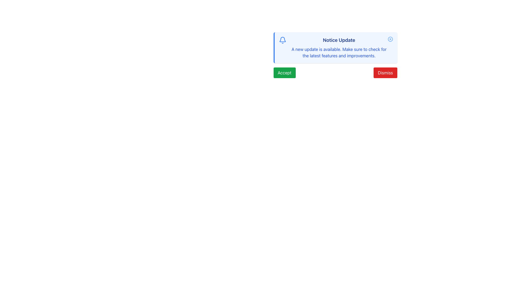  Describe the element at coordinates (282, 39) in the screenshot. I see `the graphical icon of a bell styled with a blue outline, located on the left side of the notification banner adjacent to the title 'Notice Update'` at that location.